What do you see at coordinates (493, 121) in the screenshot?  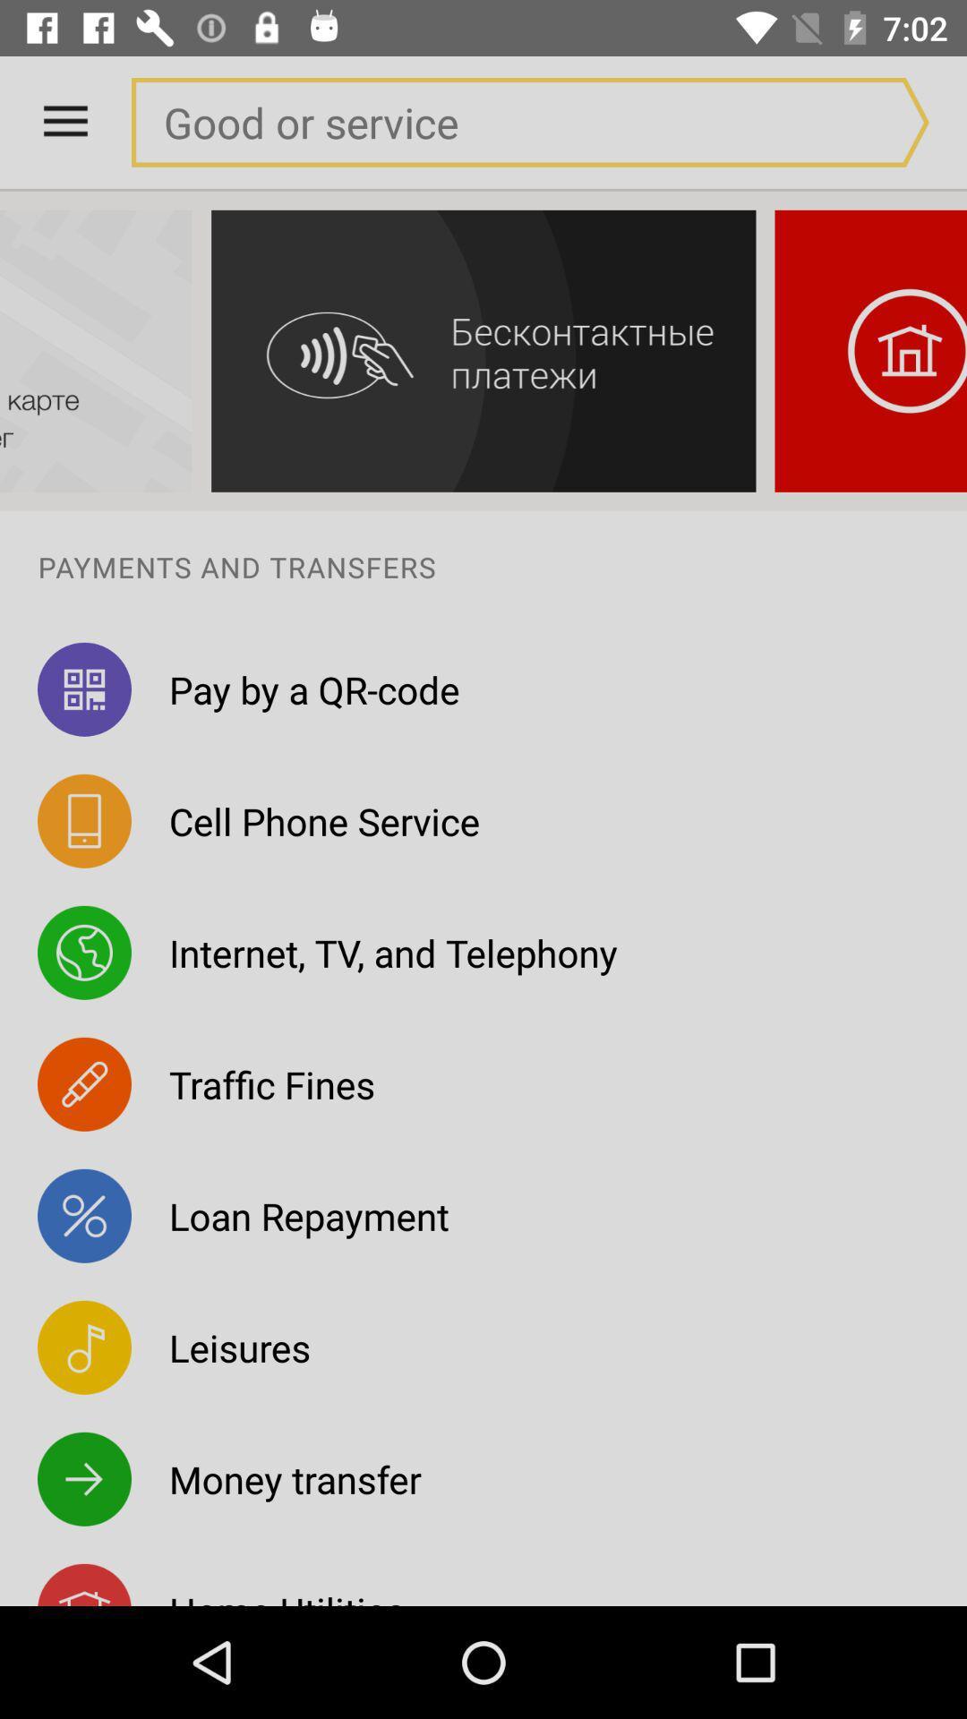 I see `a blank field when used searches for goods or a service` at bounding box center [493, 121].